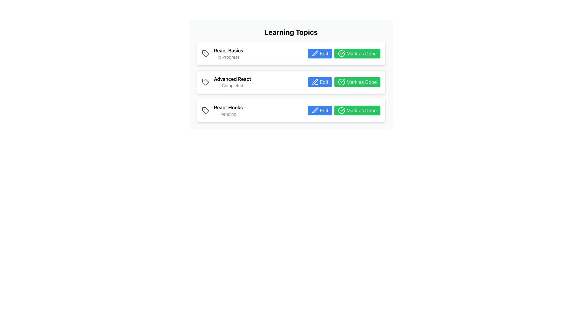 The height and width of the screenshot is (327, 581). I want to click on information displayed in the label showing the title 'Advanced React' and its status 'Completed' located in the second row of the 'Learning Topics' list, so click(226, 82).